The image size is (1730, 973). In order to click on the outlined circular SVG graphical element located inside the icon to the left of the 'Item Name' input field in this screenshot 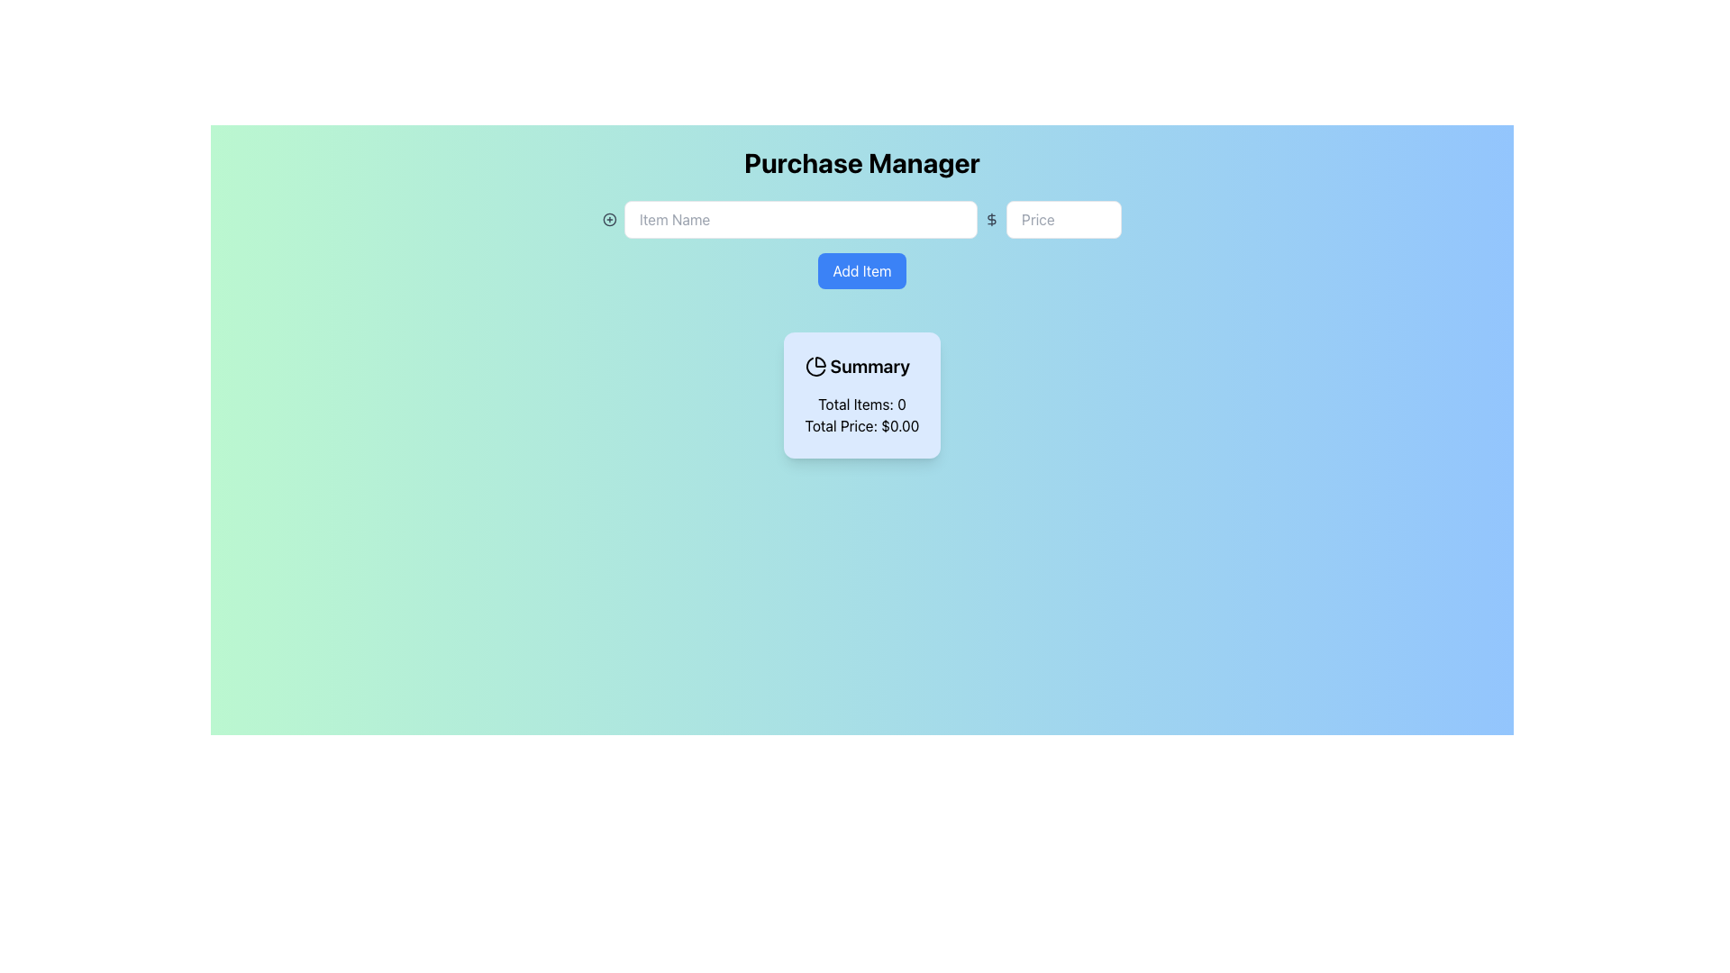, I will do `click(609, 218)`.